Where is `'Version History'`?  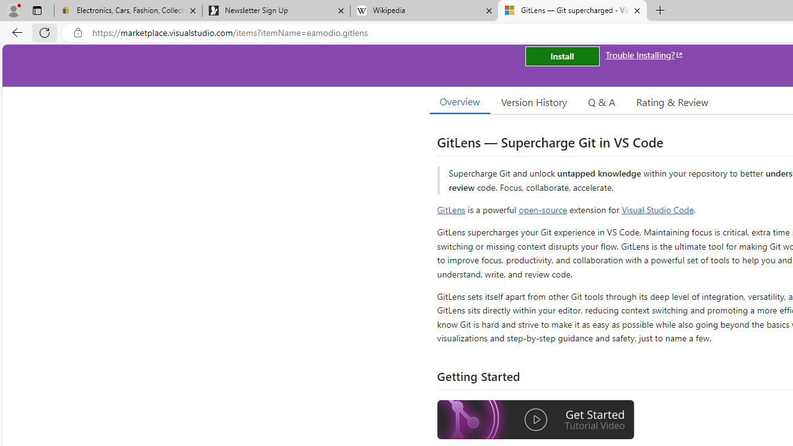 'Version History' is located at coordinates (534, 101).